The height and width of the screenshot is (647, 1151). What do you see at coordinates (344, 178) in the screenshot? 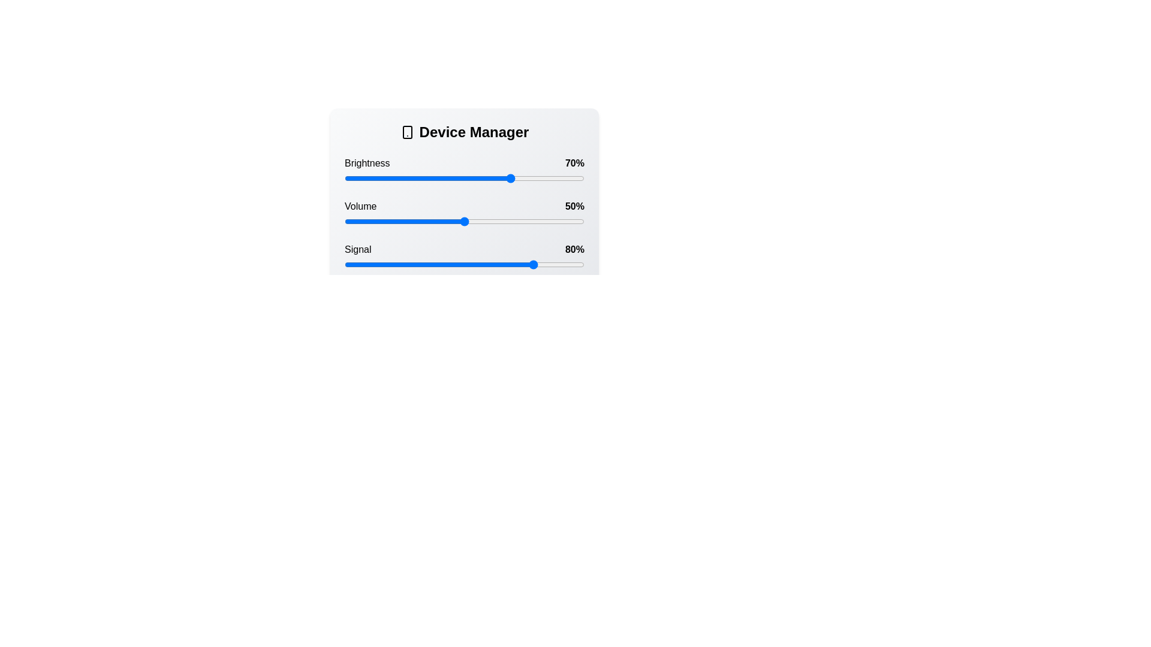
I see `the brightness slider to 0%` at bounding box center [344, 178].